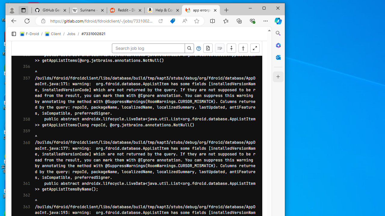 This screenshot has height=216, width=385. Describe the element at coordinates (22, 129) in the screenshot. I see `'409'` at that location.